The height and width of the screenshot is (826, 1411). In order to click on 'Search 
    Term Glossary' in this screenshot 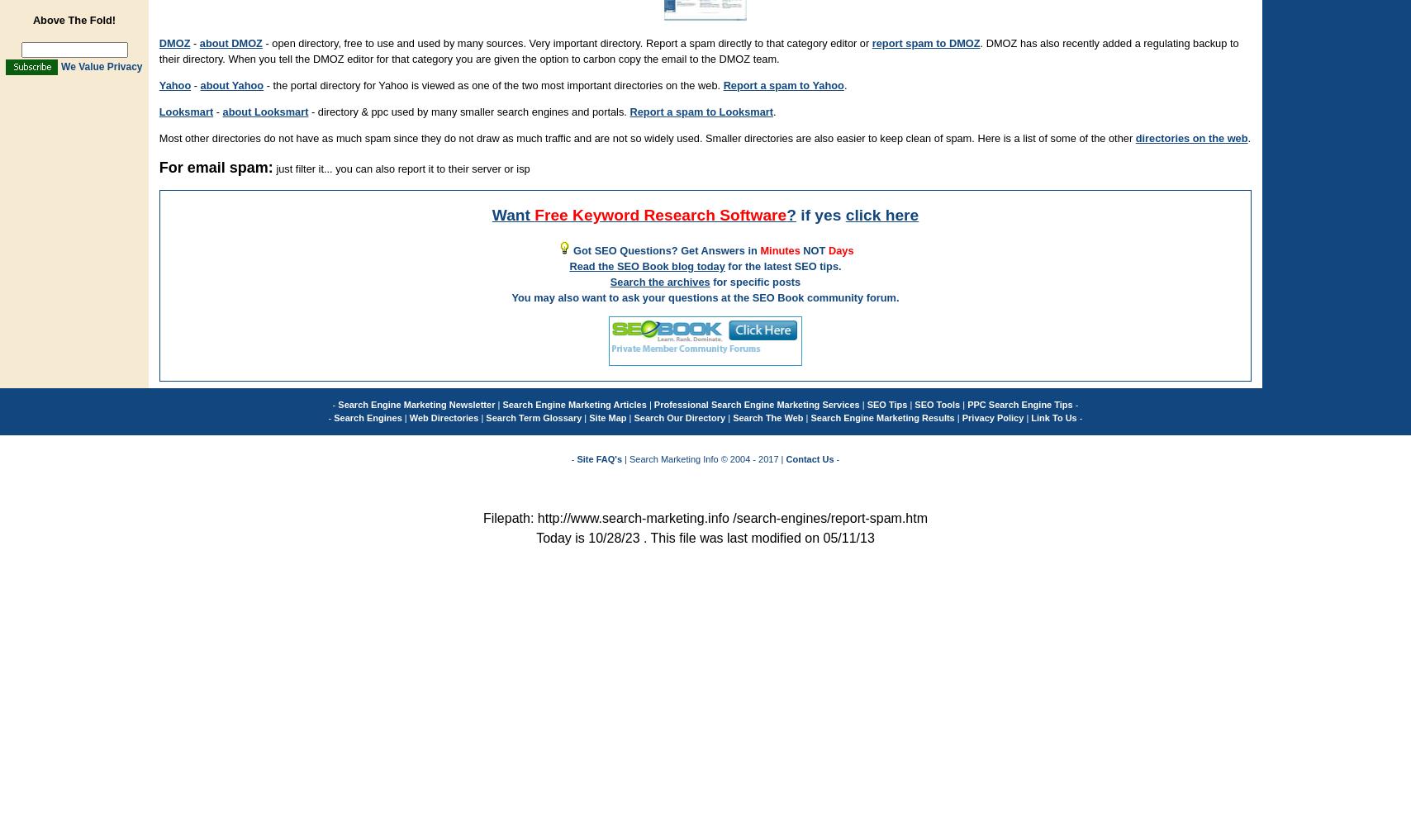, I will do `click(533, 418)`.